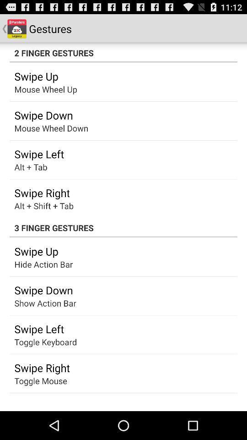  Describe the element at coordinates (45, 341) in the screenshot. I see `item above the swipe right icon` at that location.